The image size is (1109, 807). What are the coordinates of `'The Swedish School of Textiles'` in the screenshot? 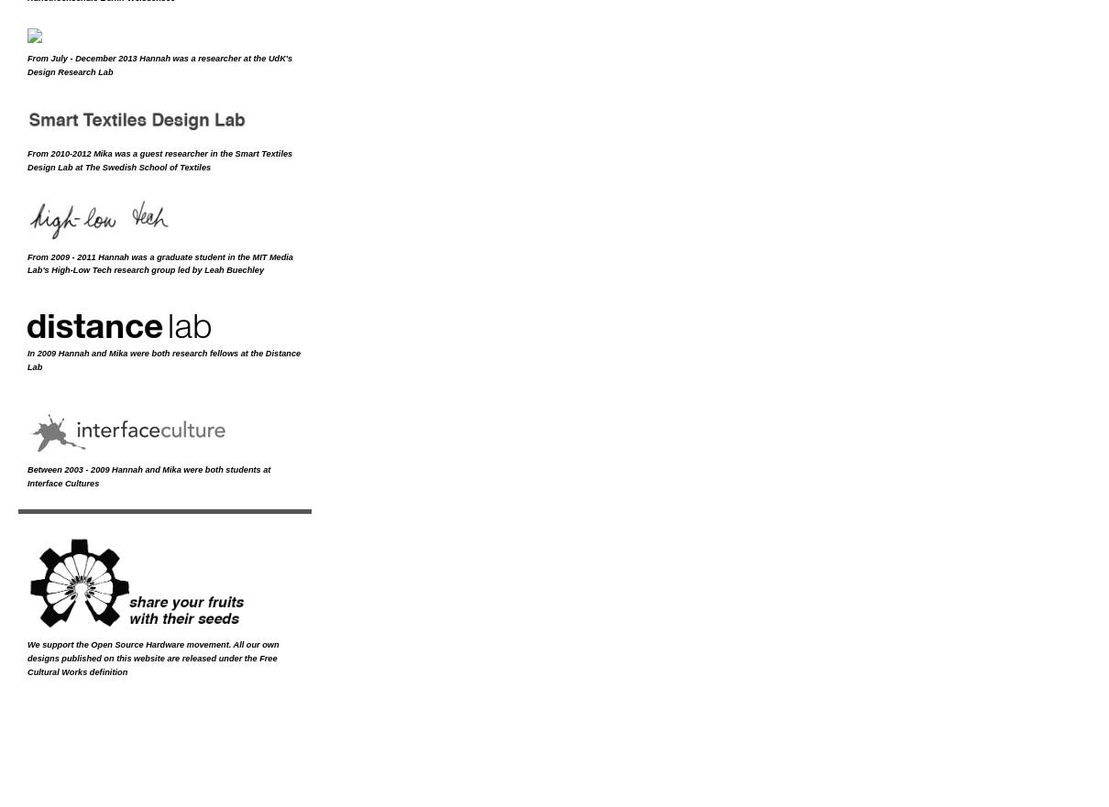 It's located at (148, 167).